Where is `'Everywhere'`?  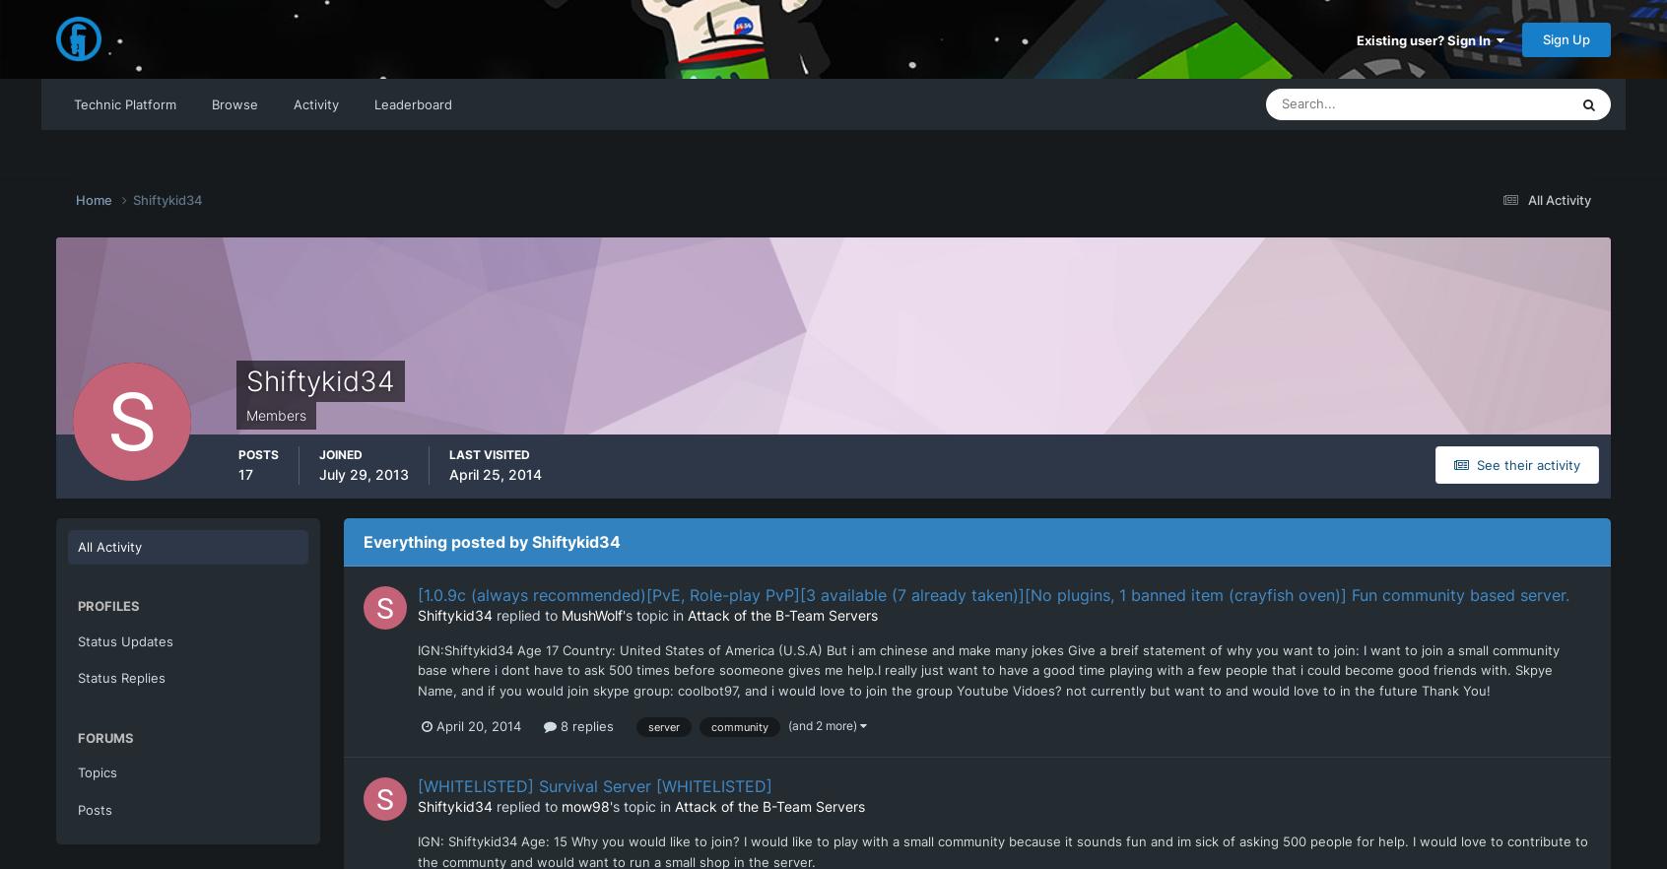 'Everywhere' is located at coordinates (1418, 147).